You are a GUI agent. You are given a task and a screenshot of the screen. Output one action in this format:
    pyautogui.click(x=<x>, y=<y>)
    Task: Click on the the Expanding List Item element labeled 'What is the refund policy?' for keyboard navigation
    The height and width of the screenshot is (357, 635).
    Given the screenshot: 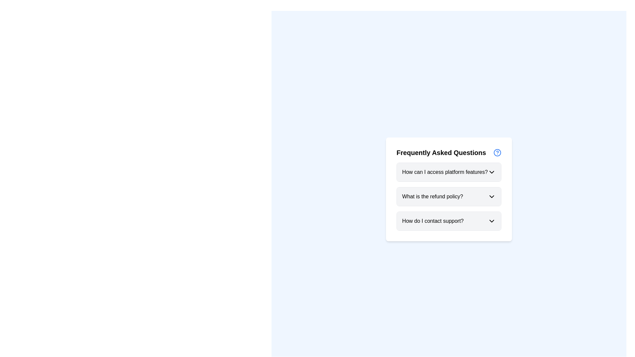 What is the action you would take?
    pyautogui.click(x=449, y=196)
    